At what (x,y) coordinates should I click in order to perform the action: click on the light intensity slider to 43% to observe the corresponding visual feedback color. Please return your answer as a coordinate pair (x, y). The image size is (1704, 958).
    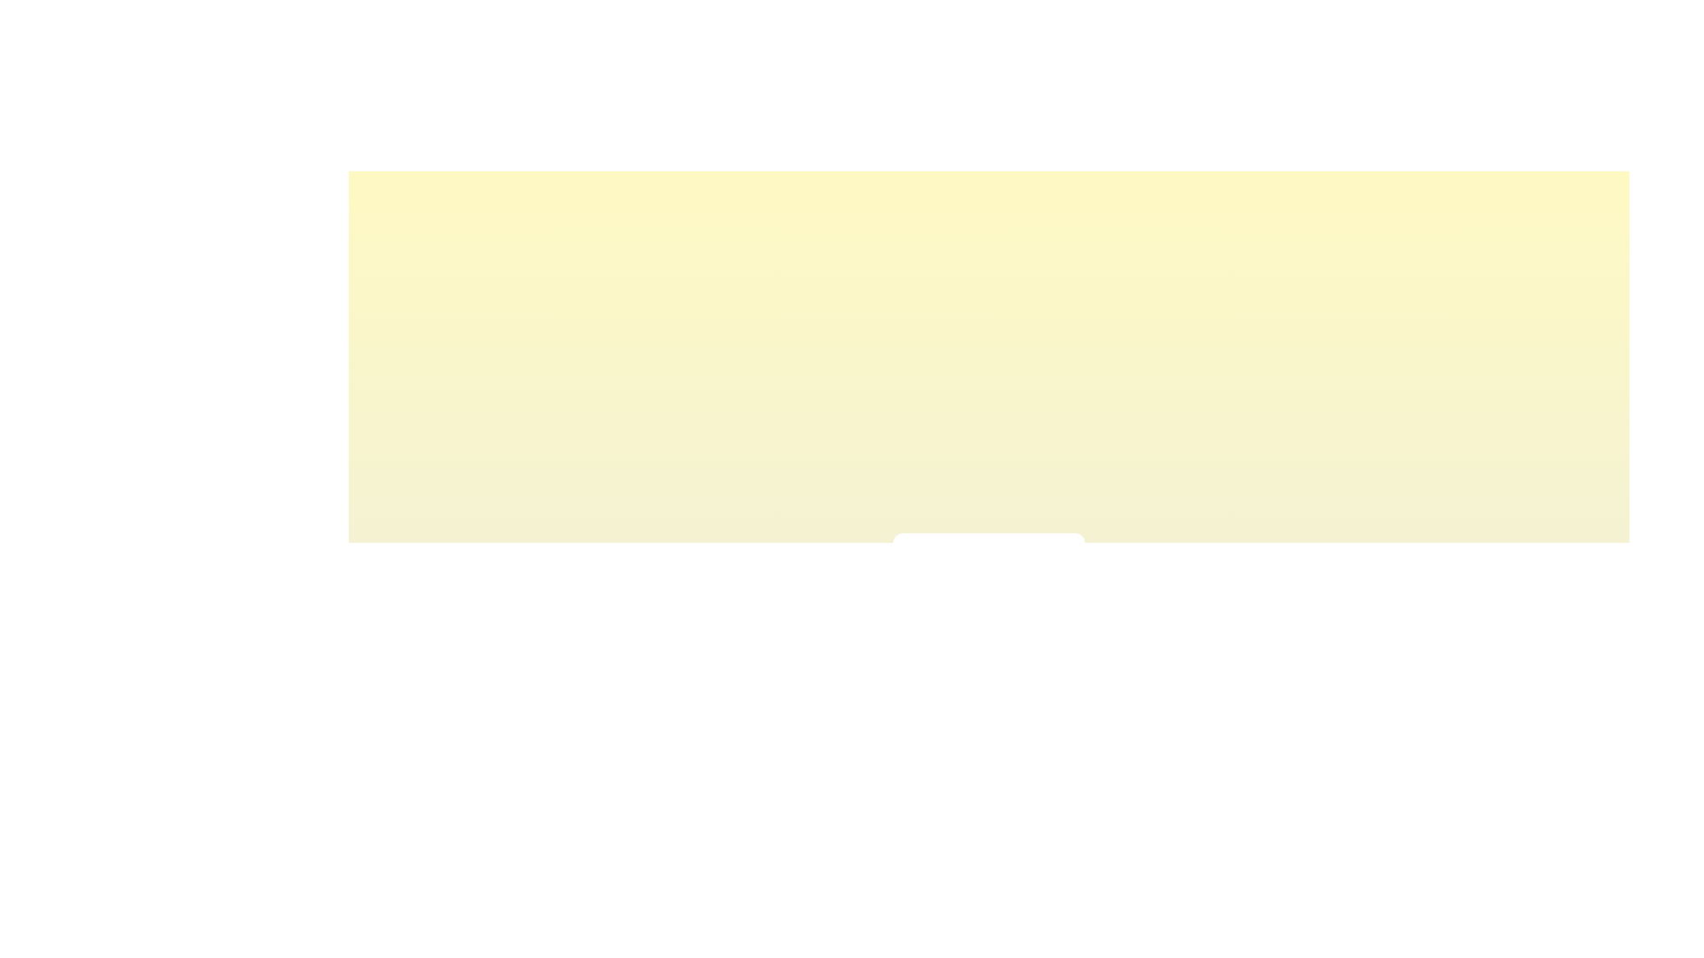
    Looking at the image, I should click on (977, 600).